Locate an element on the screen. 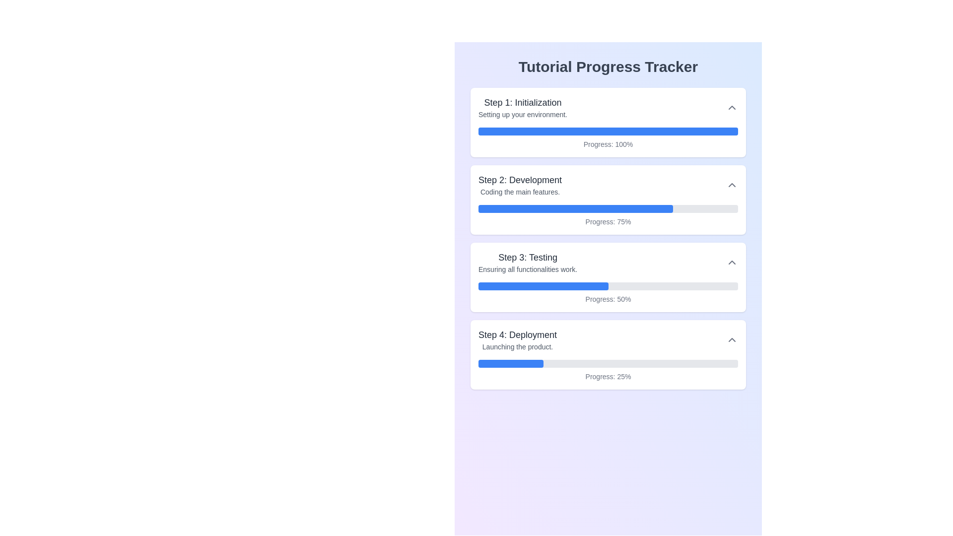 The width and height of the screenshot is (953, 536). the toggle button in the upper-right corner of the 'Step 2: Development' section is located at coordinates (732, 185).